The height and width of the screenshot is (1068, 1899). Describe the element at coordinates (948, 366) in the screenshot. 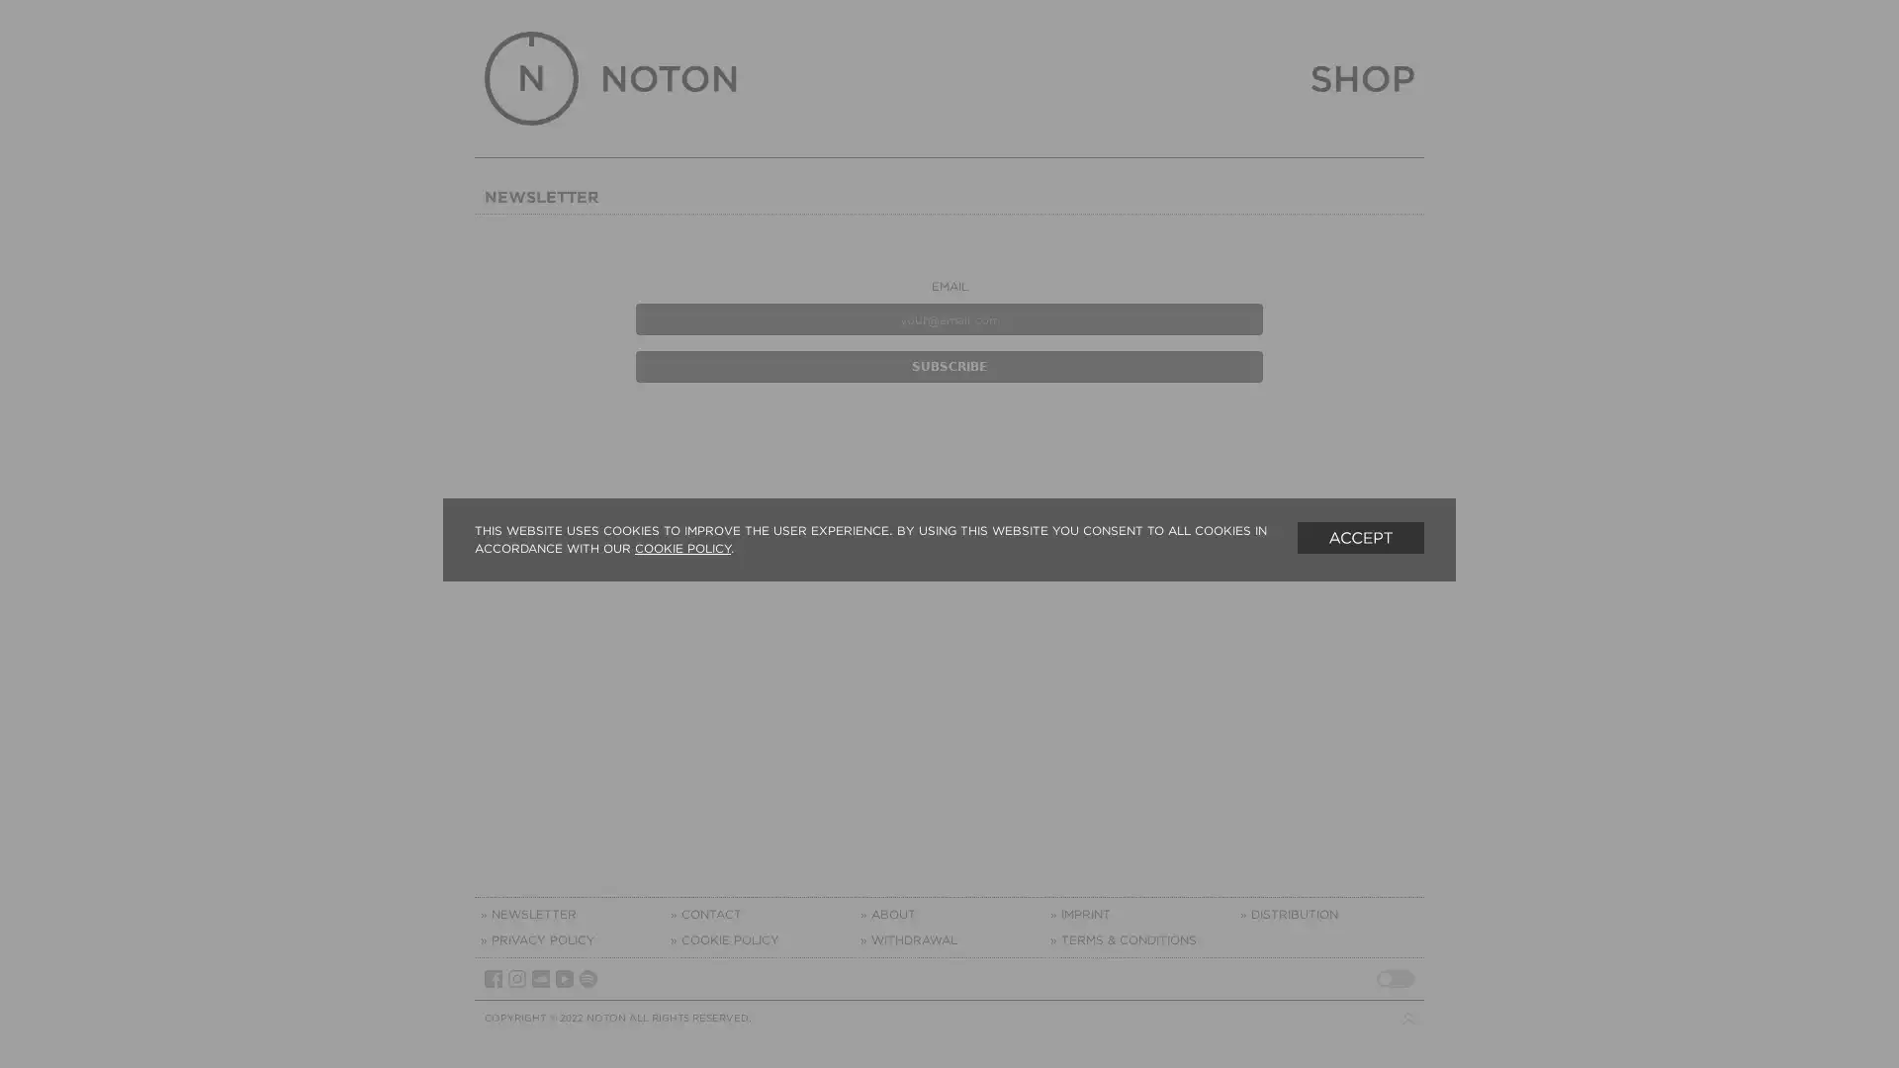

I see `Subscribe` at that location.